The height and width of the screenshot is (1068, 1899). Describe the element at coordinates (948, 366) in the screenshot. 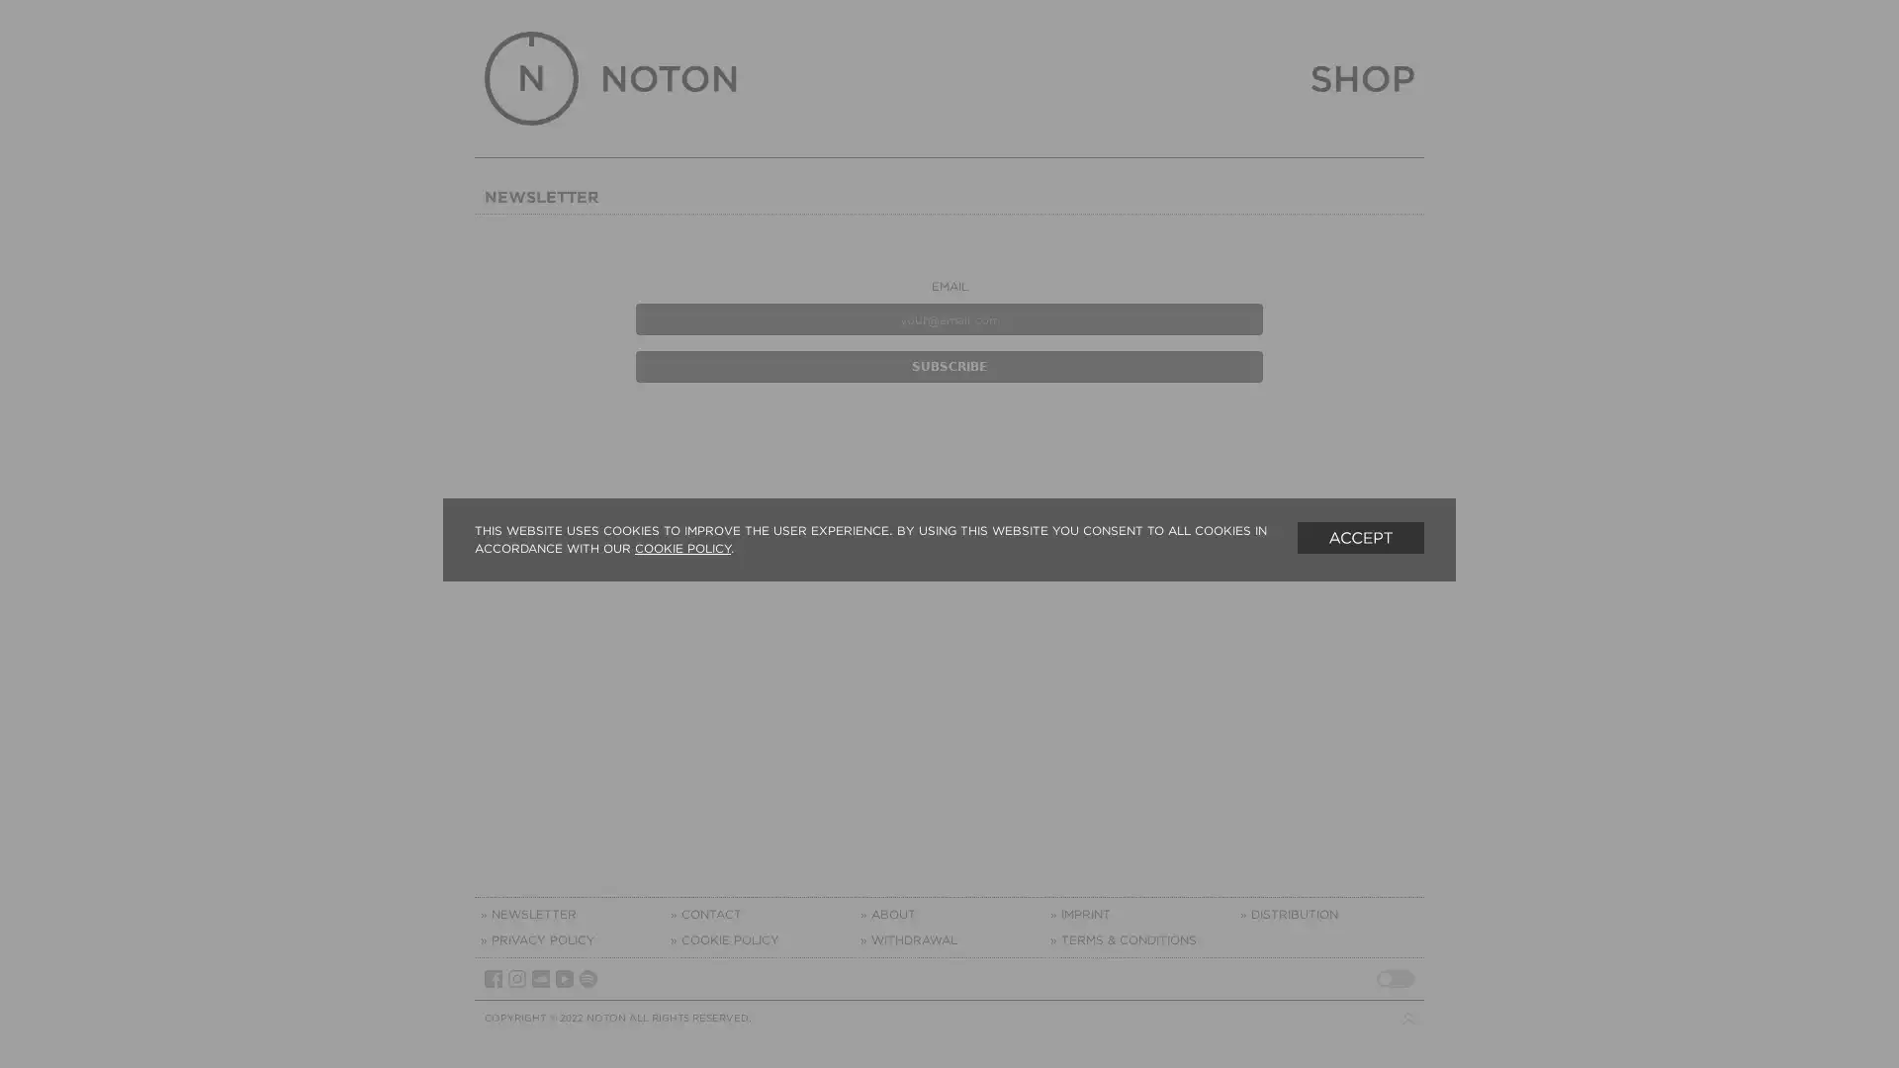

I see `Subscribe` at that location.